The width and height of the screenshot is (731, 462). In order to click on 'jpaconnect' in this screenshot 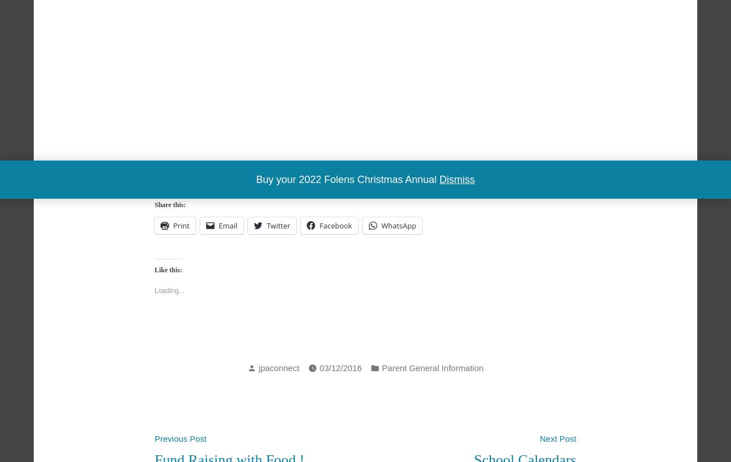, I will do `click(278, 367)`.